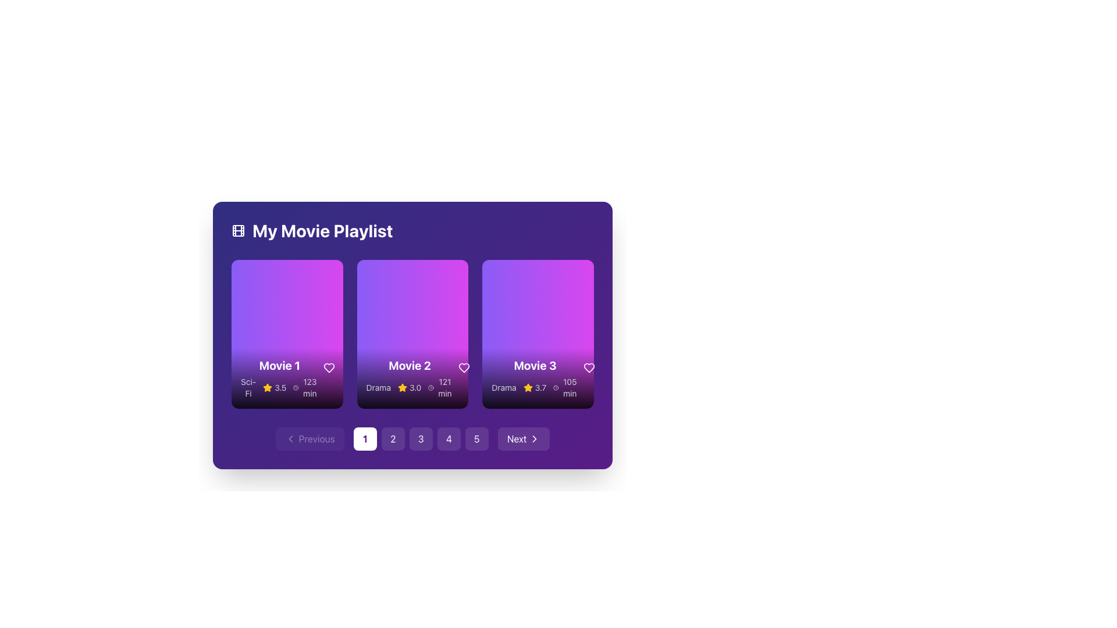 Image resolution: width=1117 pixels, height=628 pixels. Describe the element at coordinates (534, 439) in the screenshot. I see `the right-pointing chevron arrow icon, which is part of the 'Next' button used for pagination` at that location.